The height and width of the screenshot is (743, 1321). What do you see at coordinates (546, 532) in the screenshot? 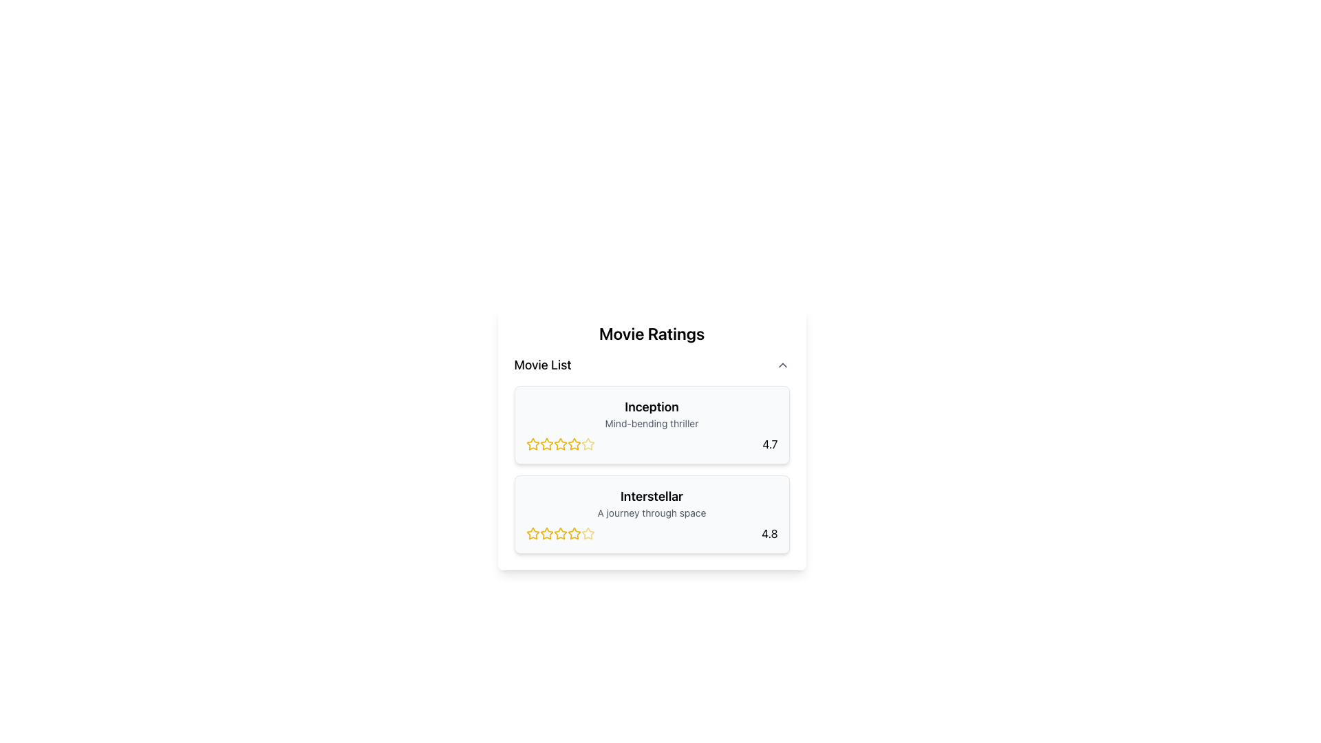
I see `the first yellow star icon in the rating system for the movie 'Interstellar' to modify the rating` at bounding box center [546, 532].